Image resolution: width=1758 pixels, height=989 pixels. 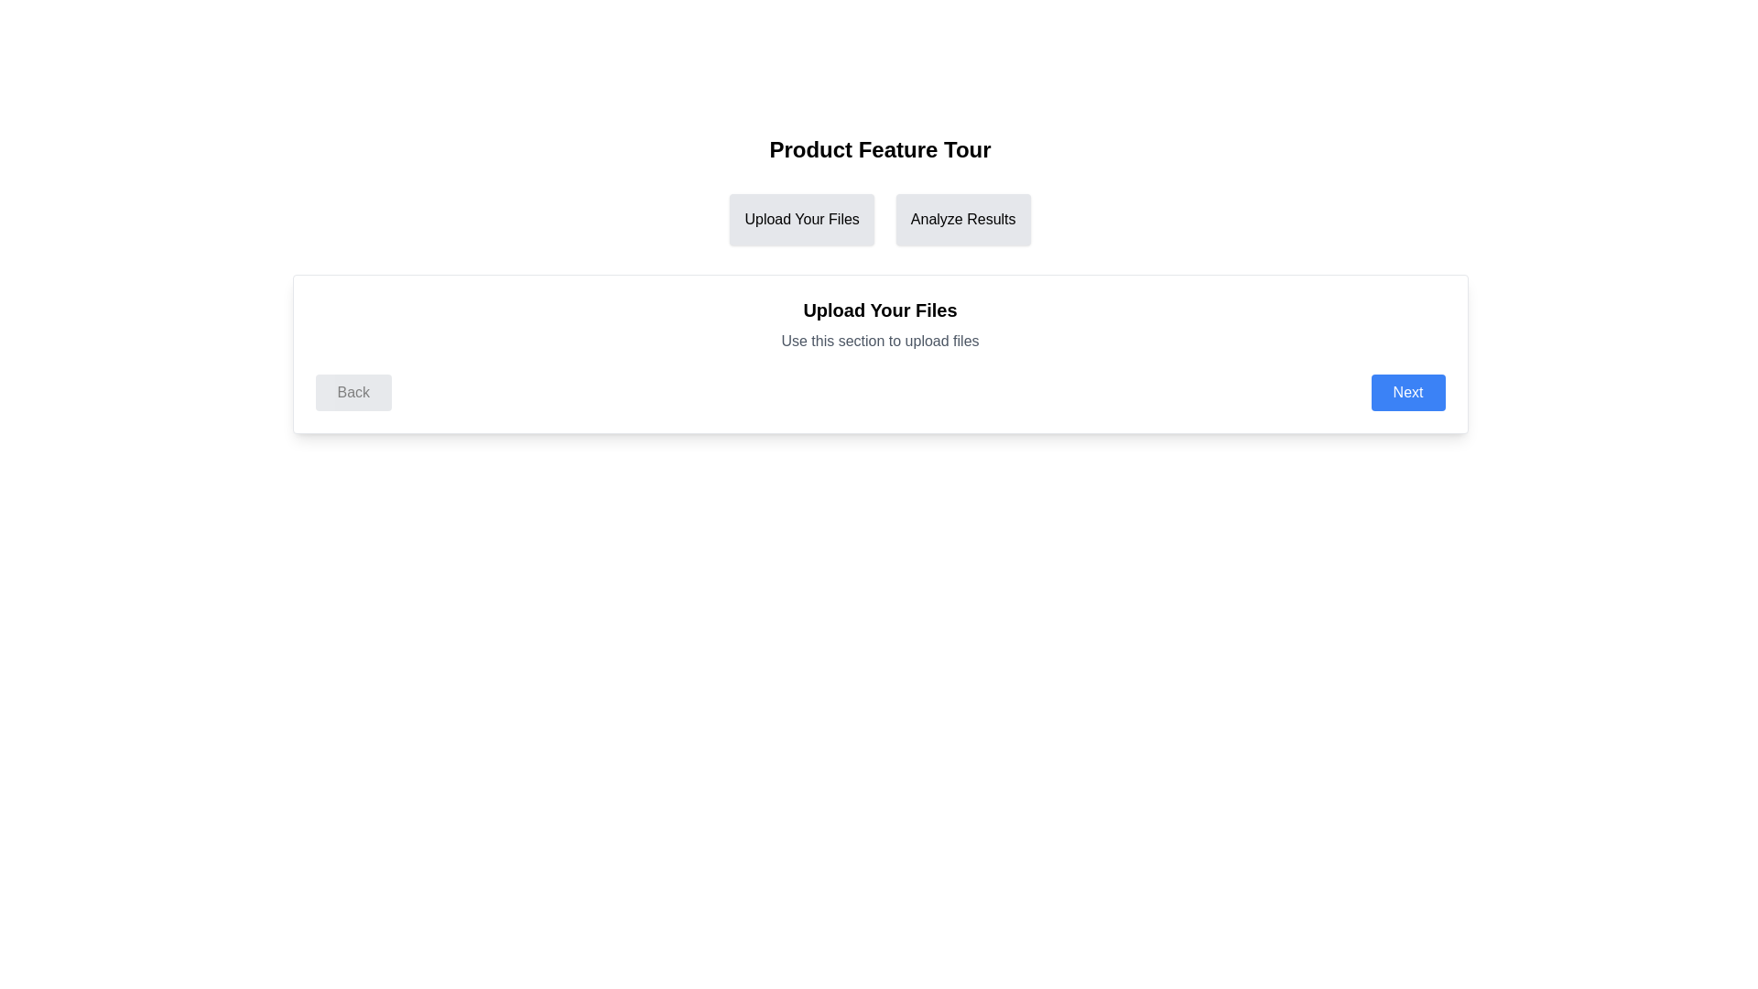 What do you see at coordinates (353, 391) in the screenshot?
I see `the rectangular 'Back' button with a light gray background and black text, located towards the bottom-left region of the main content area` at bounding box center [353, 391].